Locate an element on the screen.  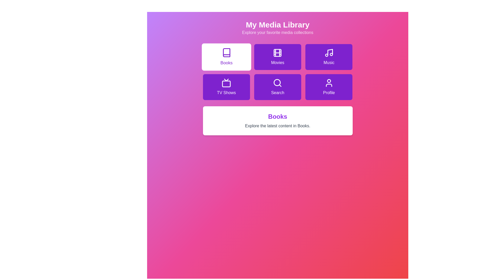
the button that redirects to the 'Movies' section, which is the second entry in a grid layout, positioned centrally between 'Books' and 'Music' is located at coordinates (277, 57).